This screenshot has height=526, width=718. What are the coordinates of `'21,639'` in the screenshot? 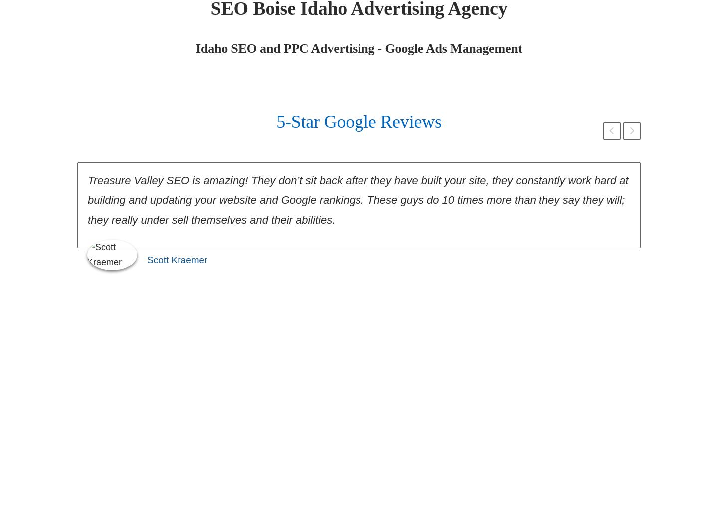 It's located at (326, 480).